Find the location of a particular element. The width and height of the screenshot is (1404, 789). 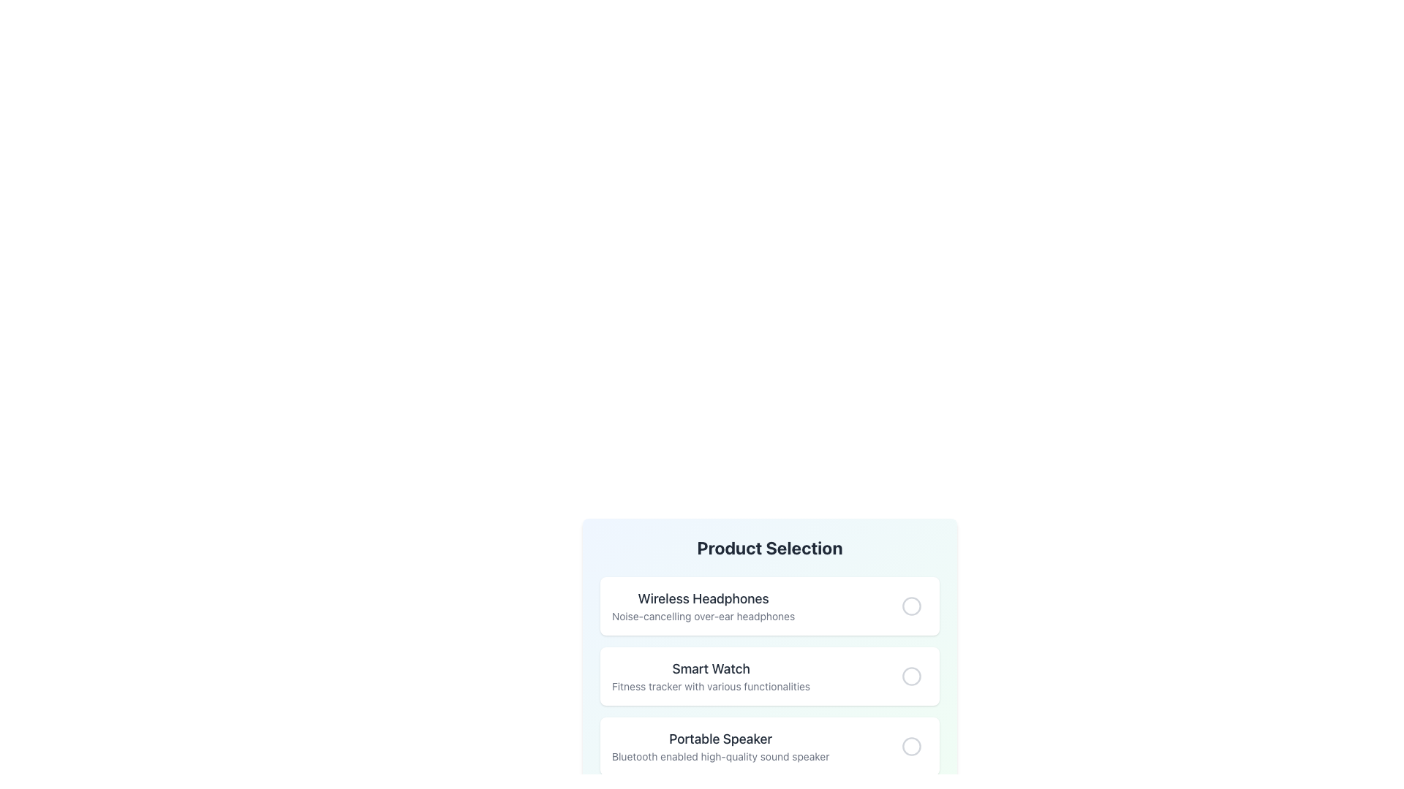

the radio button associated with the 'Smart Watch' option is located at coordinates (911, 676).